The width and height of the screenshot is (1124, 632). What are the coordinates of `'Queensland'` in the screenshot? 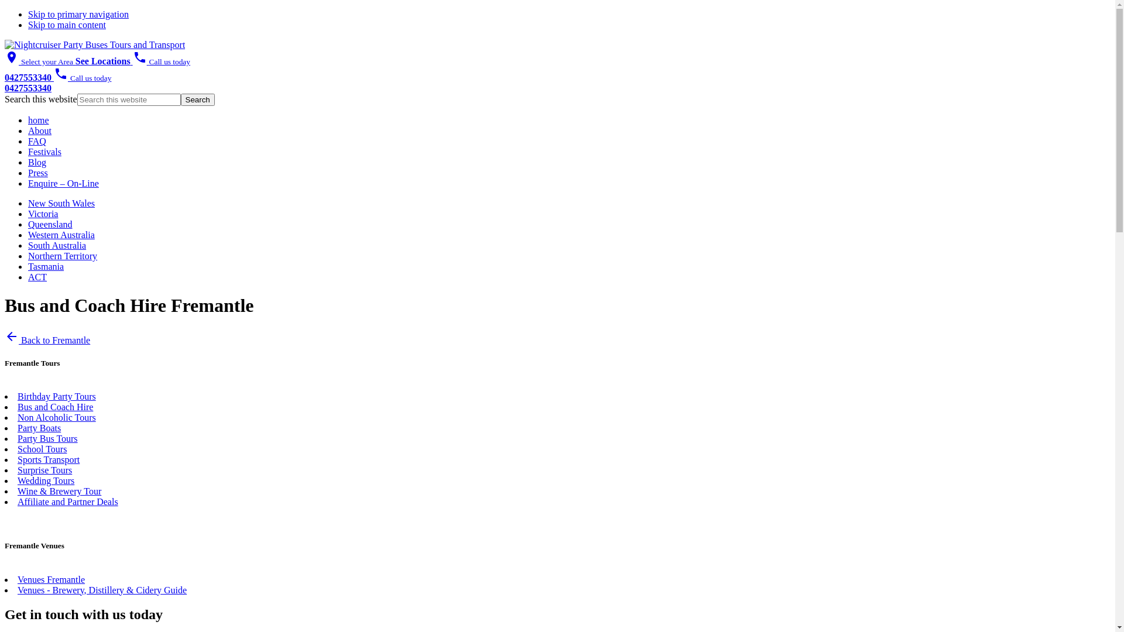 It's located at (28, 224).